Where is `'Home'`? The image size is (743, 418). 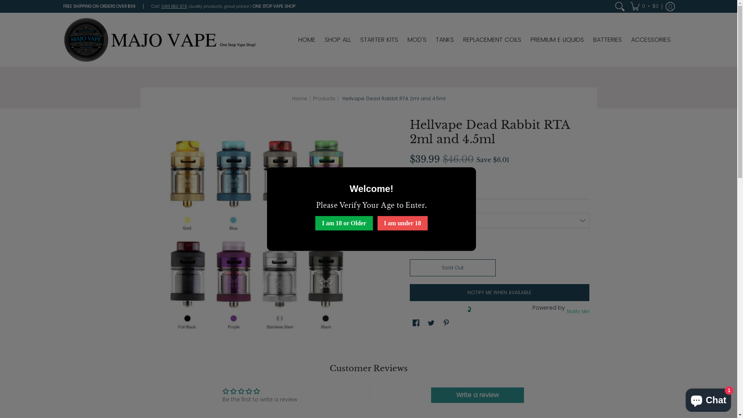
'Home' is located at coordinates (291, 98).